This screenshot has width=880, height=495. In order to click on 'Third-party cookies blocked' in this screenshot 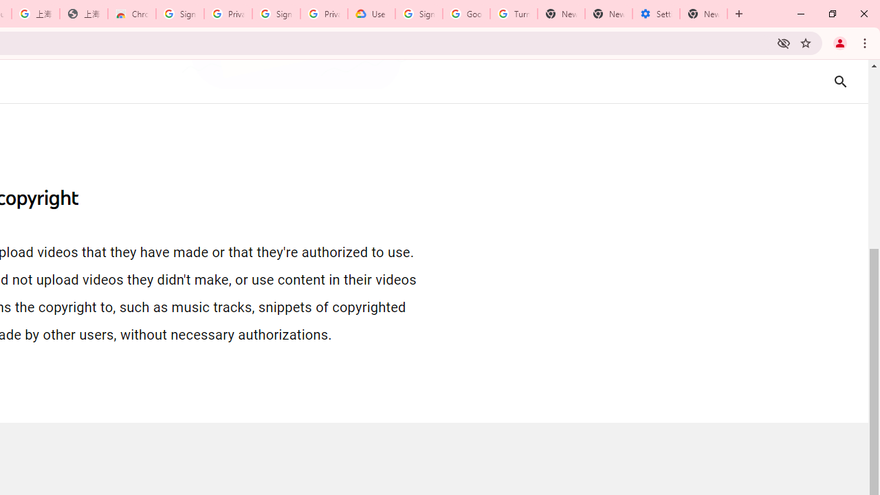, I will do `click(783, 42)`.